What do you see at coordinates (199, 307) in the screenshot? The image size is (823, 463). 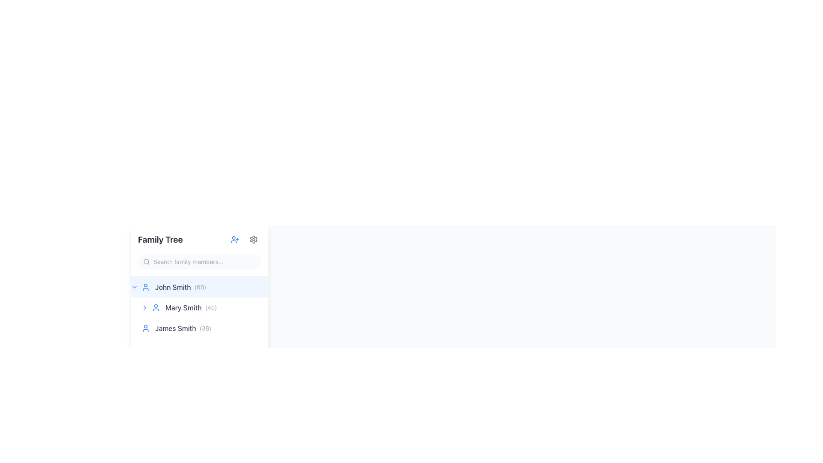 I see `the arrow of the Interactive list entry for 'Mary Smith'` at bounding box center [199, 307].